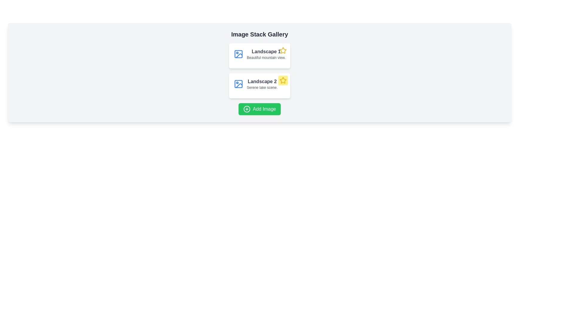 Image resolution: width=574 pixels, height=323 pixels. I want to click on leftmost SVG rectangle element representing an image icon in the gallery interface using the developer tools, so click(238, 84).